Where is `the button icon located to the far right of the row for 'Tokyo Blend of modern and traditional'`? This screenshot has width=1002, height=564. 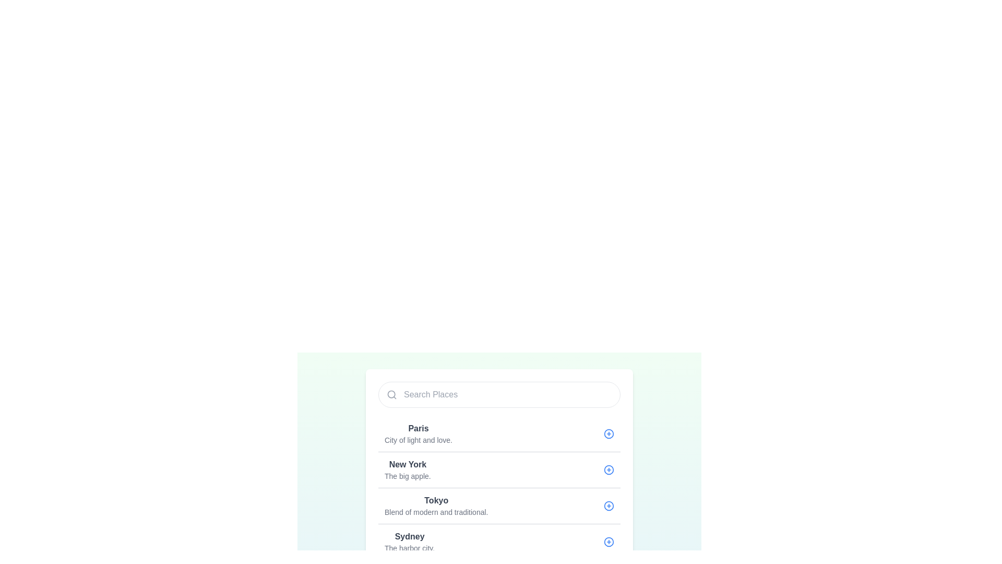
the button icon located to the far right of the row for 'Tokyo Blend of modern and traditional' is located at coordinates (609, 505).